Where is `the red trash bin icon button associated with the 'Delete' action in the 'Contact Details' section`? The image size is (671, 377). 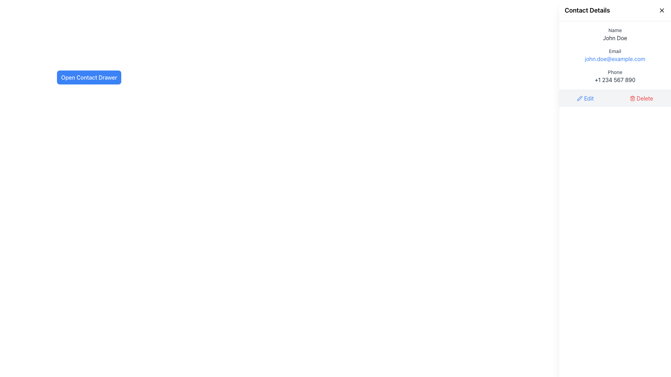
the red trash bin icon button associated with the 'Delete' action in the 'Contact Details' section is located at coordinates (632, 98).